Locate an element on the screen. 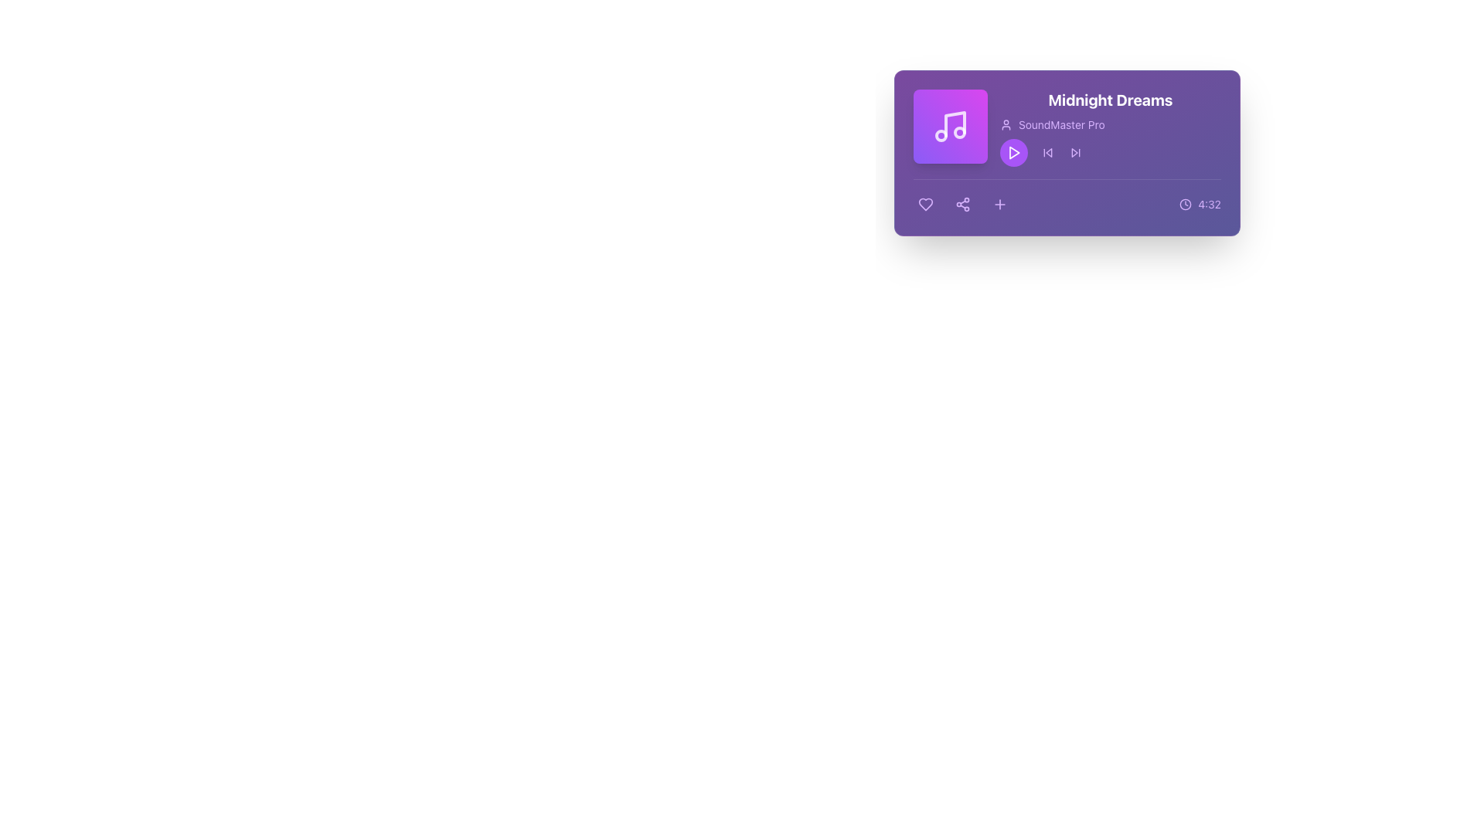 This screenshot has height=834, width=1484. the forward arrow icon located within the 'Next' button on the middle row of playback controls to skip to the next media is located at coordinates (1075, 152).